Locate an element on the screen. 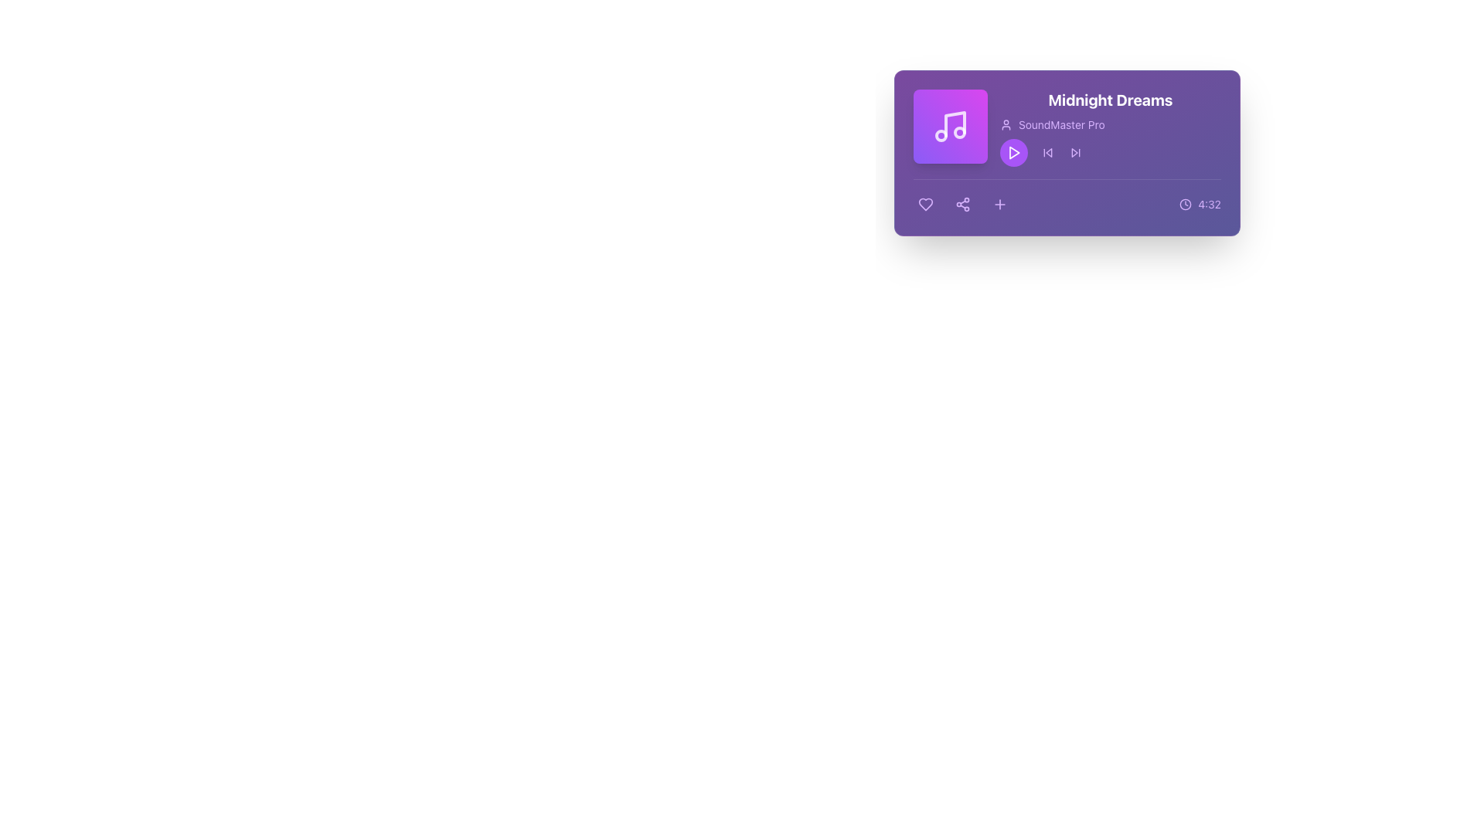 This screenshot has height=834, width=1484. the forward arrow icon located within the 'Next' button on the middle row of playback controls to skip to the next media is located at coordinates (1075, 152).